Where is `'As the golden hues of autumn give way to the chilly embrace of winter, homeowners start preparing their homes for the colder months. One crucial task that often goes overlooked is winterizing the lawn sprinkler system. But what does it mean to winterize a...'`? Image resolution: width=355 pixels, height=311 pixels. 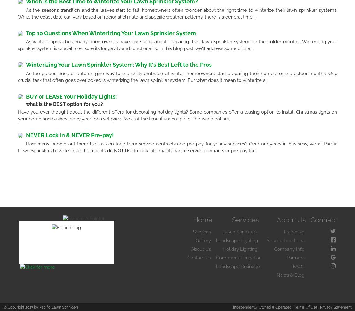
'As the golden hues of autumn give way to the chilly embrace of winter, homeowners start preparing their homes for the colder months. One crucial task that often goes overlooked is winterizing the lawn sprinkler system. But what does it mean to winterize a...' is located at coordinates (17, 77).